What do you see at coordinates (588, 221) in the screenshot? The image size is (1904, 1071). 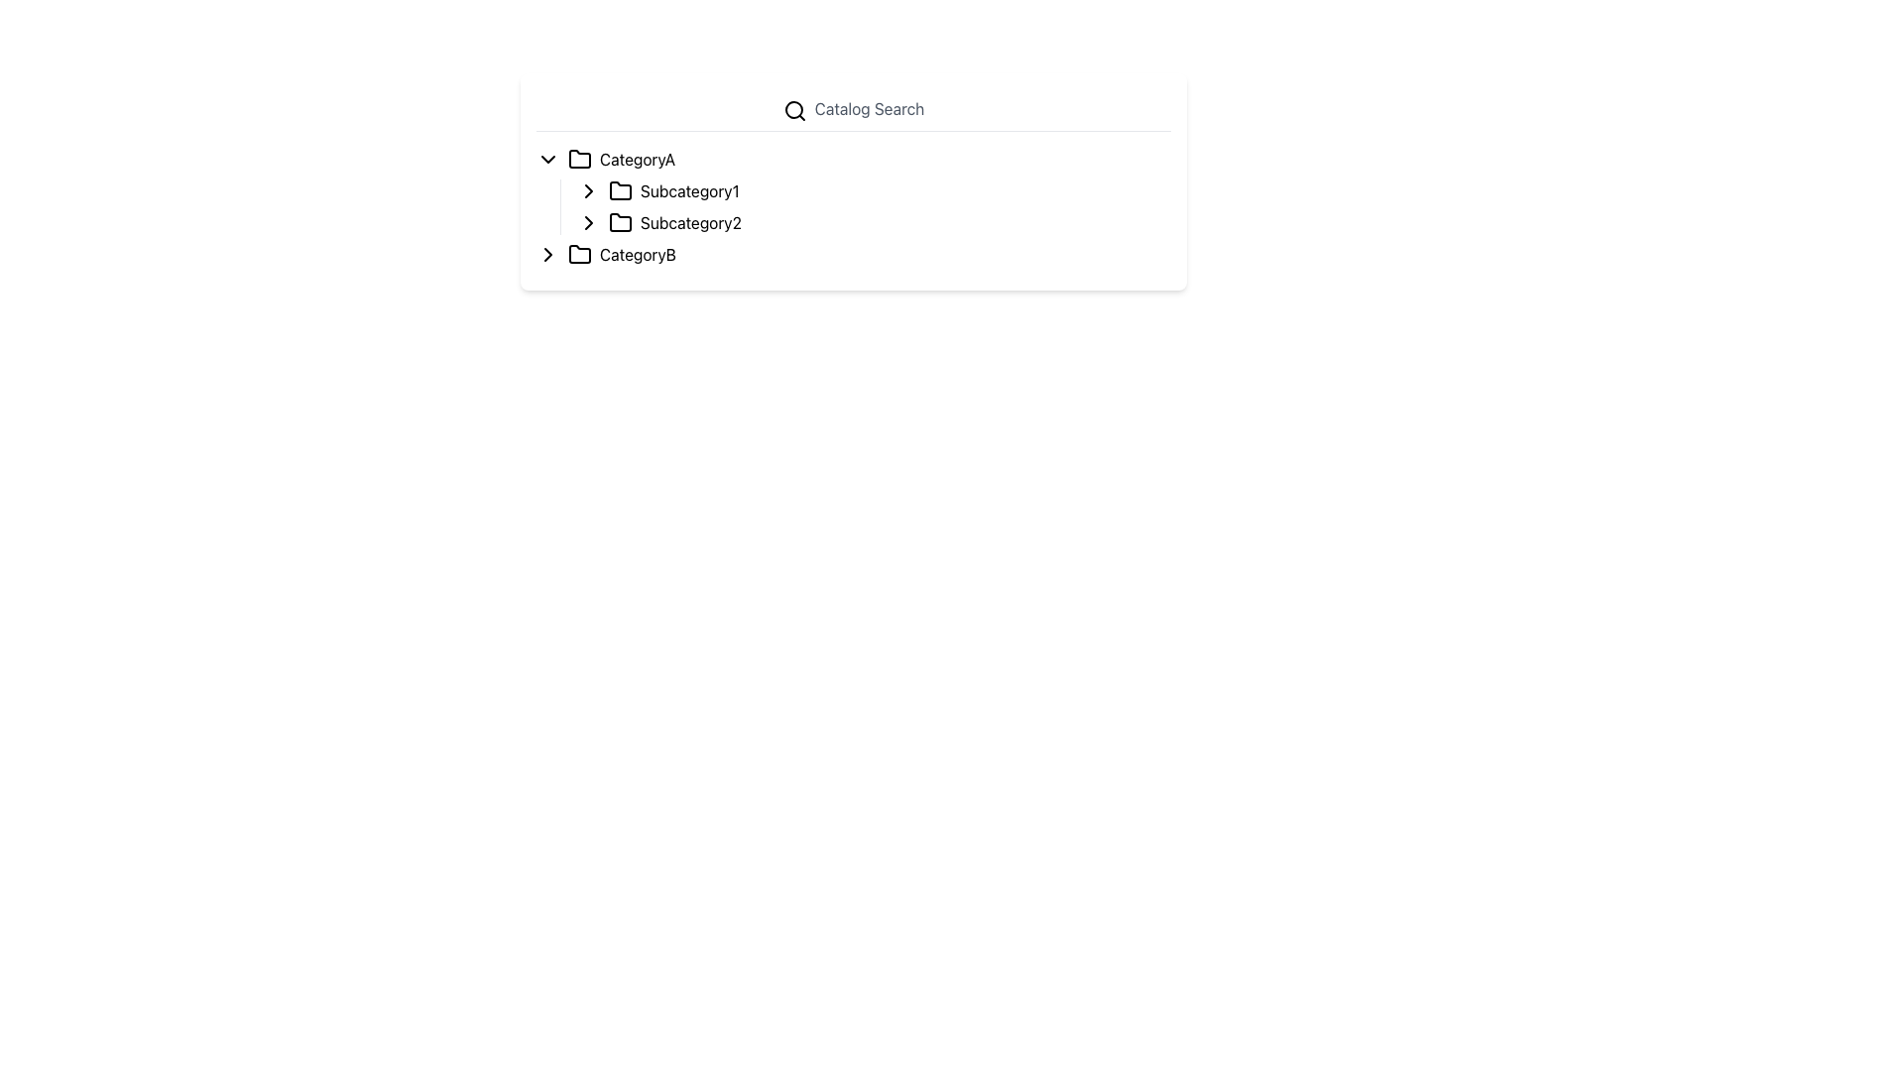 I see `the right-facing chevron arrow icon that indicates expandable content, located adjacent to the text label 'Subcategory2' under the second subcategory of 'CategoryA'` at bounding box center [588, 221].